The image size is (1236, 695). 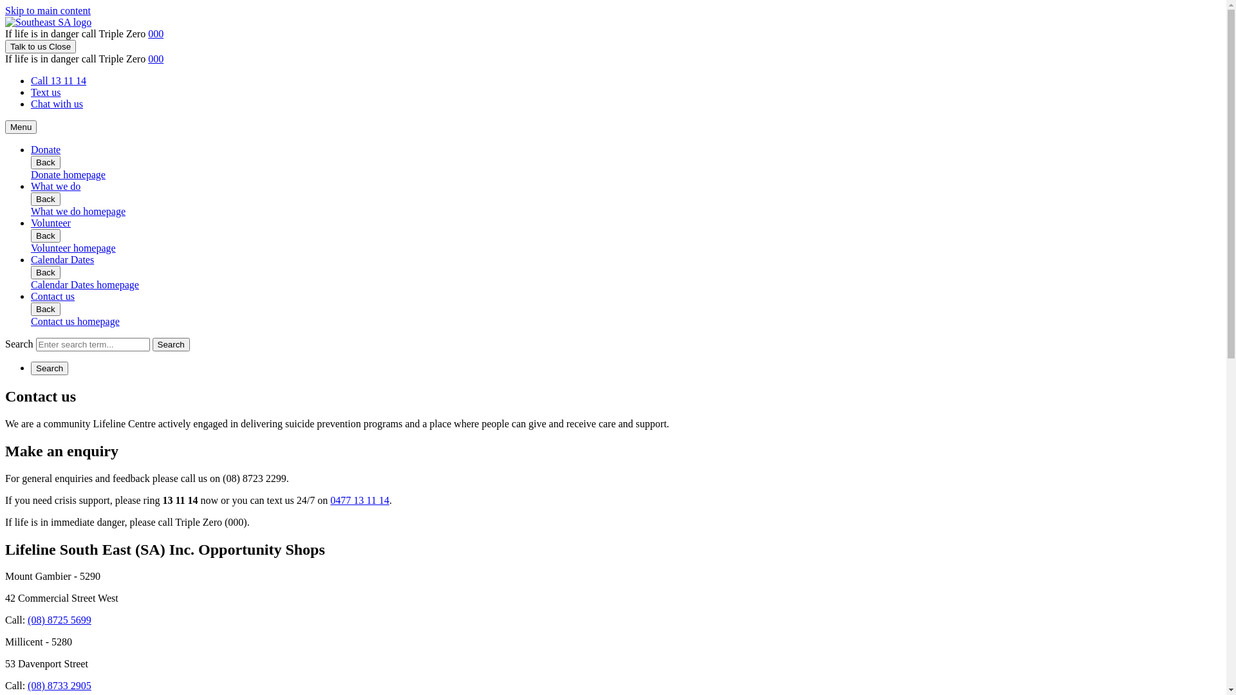 What do you see at coordinates (31, 296) in the screenshot?
I see `'Contact us'` at bounding box center [31, 296].